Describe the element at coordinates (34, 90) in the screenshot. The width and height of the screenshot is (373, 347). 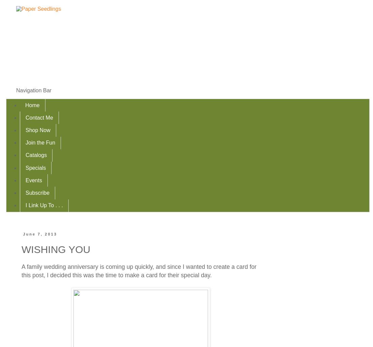
I see `'Navigation Bar'` at that location.